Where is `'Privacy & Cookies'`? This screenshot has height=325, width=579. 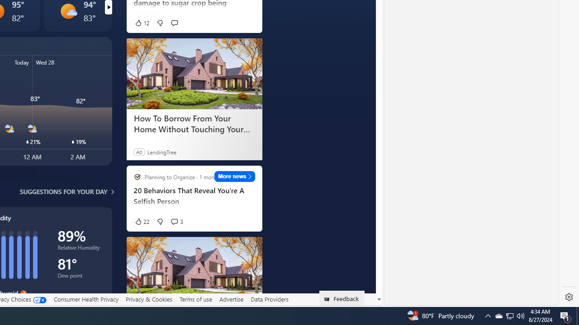 'Privacy & Cookies' is located at coordinates (149, 299).